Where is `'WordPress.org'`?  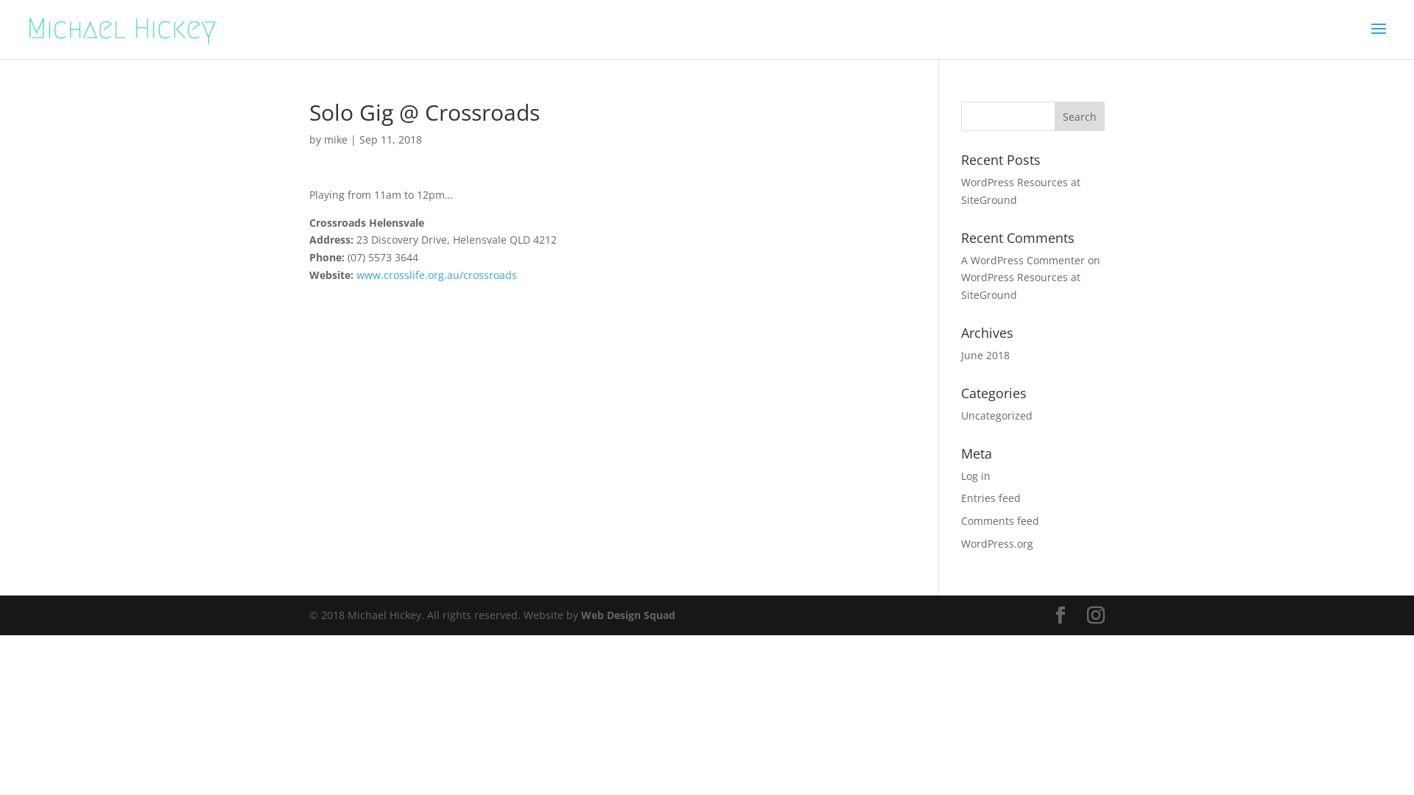 'WordPress.org' is located at coordinates (996, 543).